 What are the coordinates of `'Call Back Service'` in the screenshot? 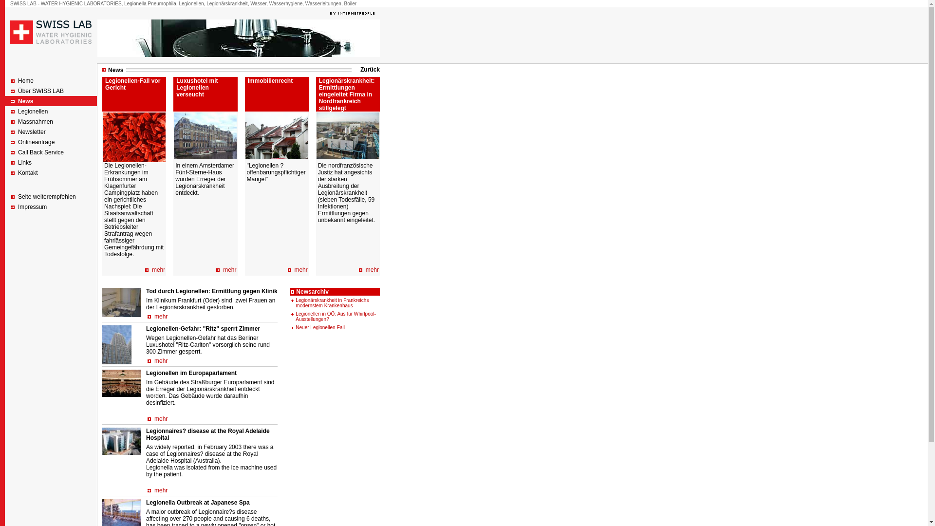 It's located at (40, 152).